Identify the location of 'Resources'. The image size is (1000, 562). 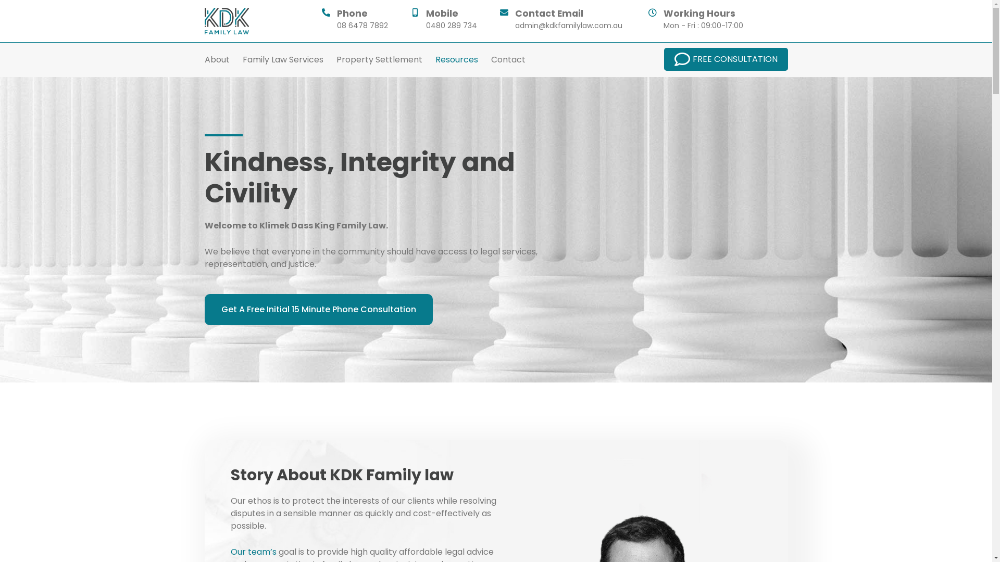
(435, 60).